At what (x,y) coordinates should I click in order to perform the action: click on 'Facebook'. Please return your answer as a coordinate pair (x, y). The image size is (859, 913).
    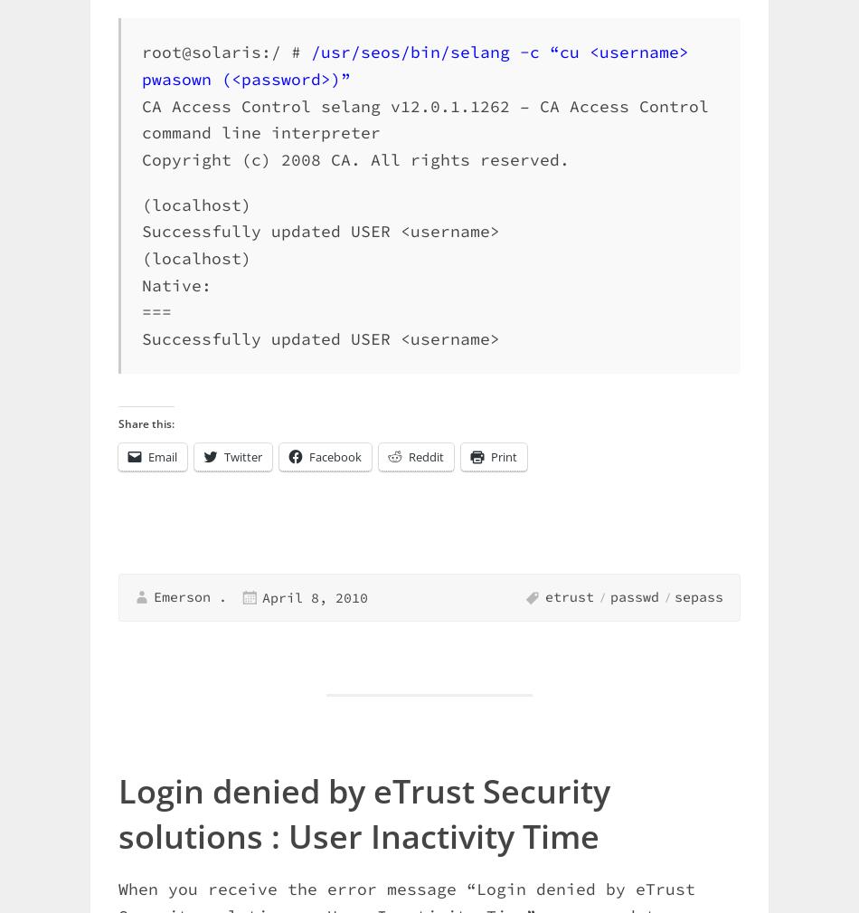
    Looking at the image, I should click on (334, 454).